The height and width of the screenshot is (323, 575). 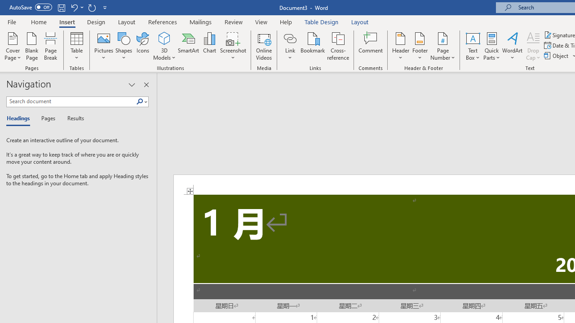 I want to click on 'Comment', so click(x=371, y=46).